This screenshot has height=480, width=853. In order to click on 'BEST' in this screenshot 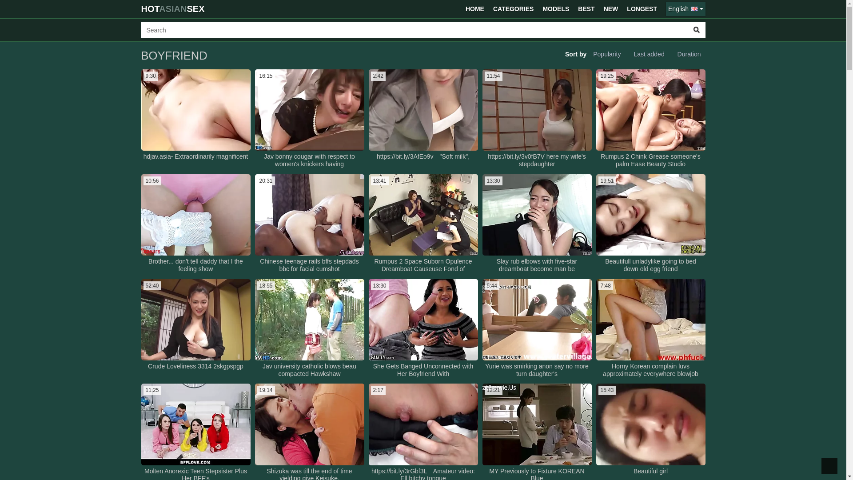, I will do `click(586, 9)`.